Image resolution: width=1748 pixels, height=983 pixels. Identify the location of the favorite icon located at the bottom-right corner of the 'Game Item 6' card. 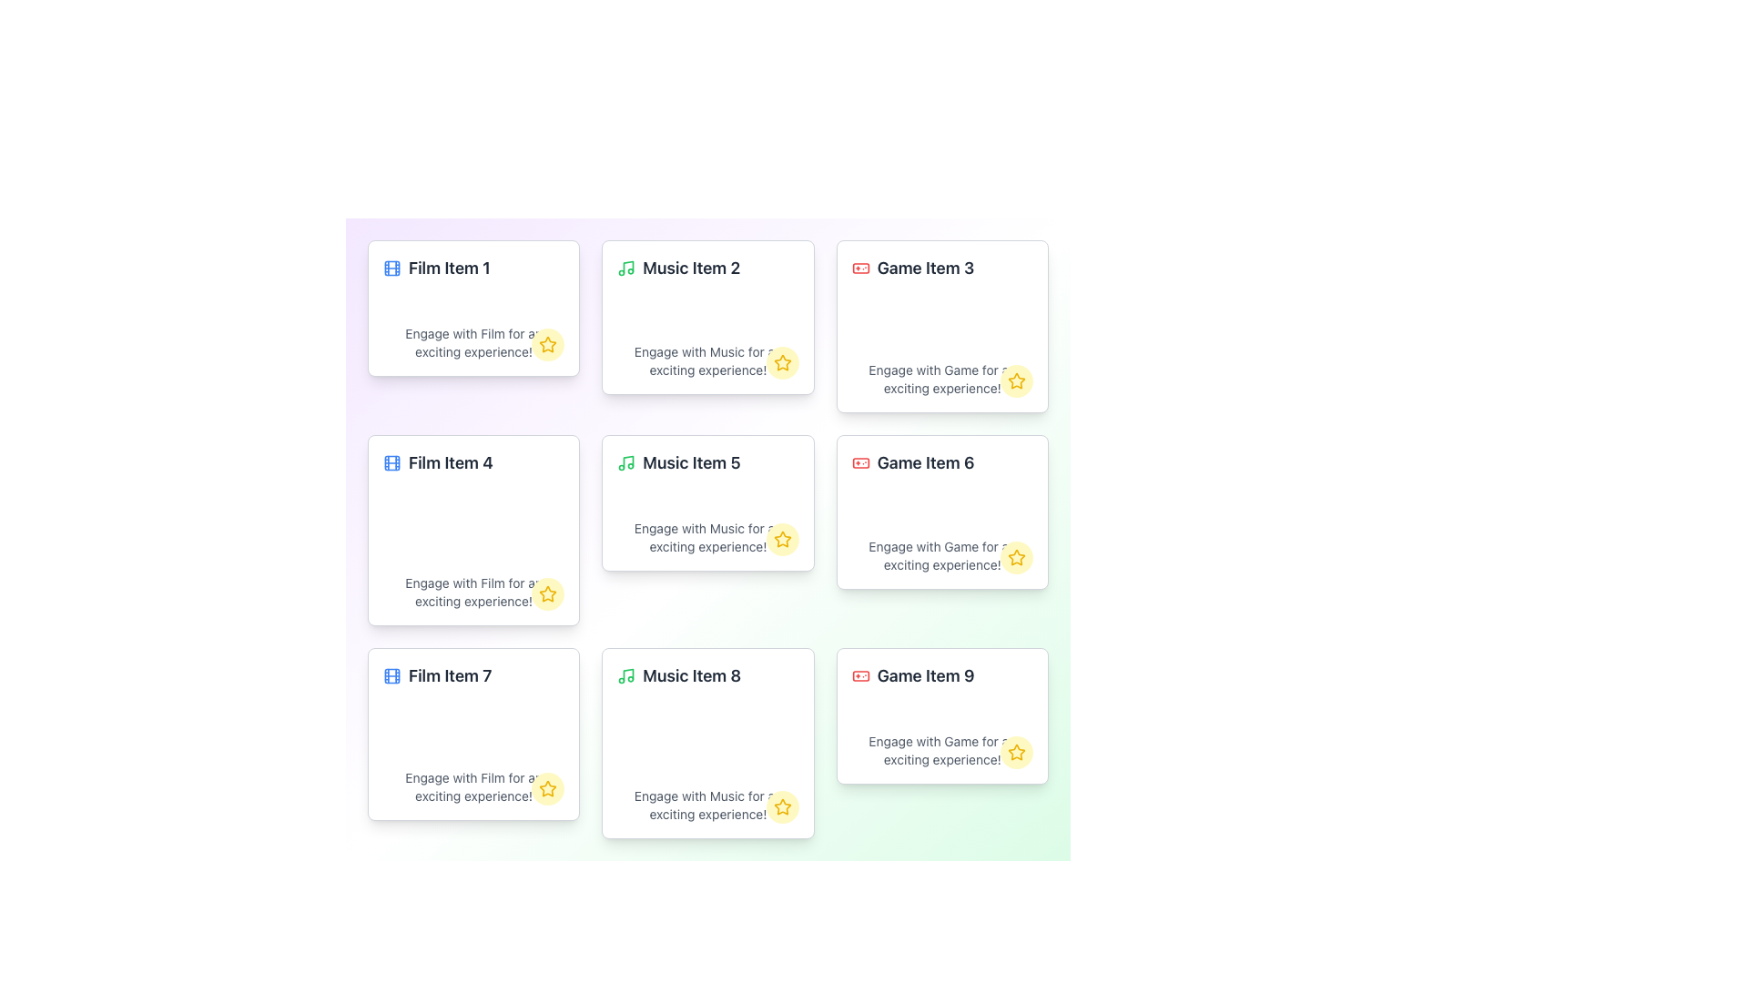
(1016, 557).